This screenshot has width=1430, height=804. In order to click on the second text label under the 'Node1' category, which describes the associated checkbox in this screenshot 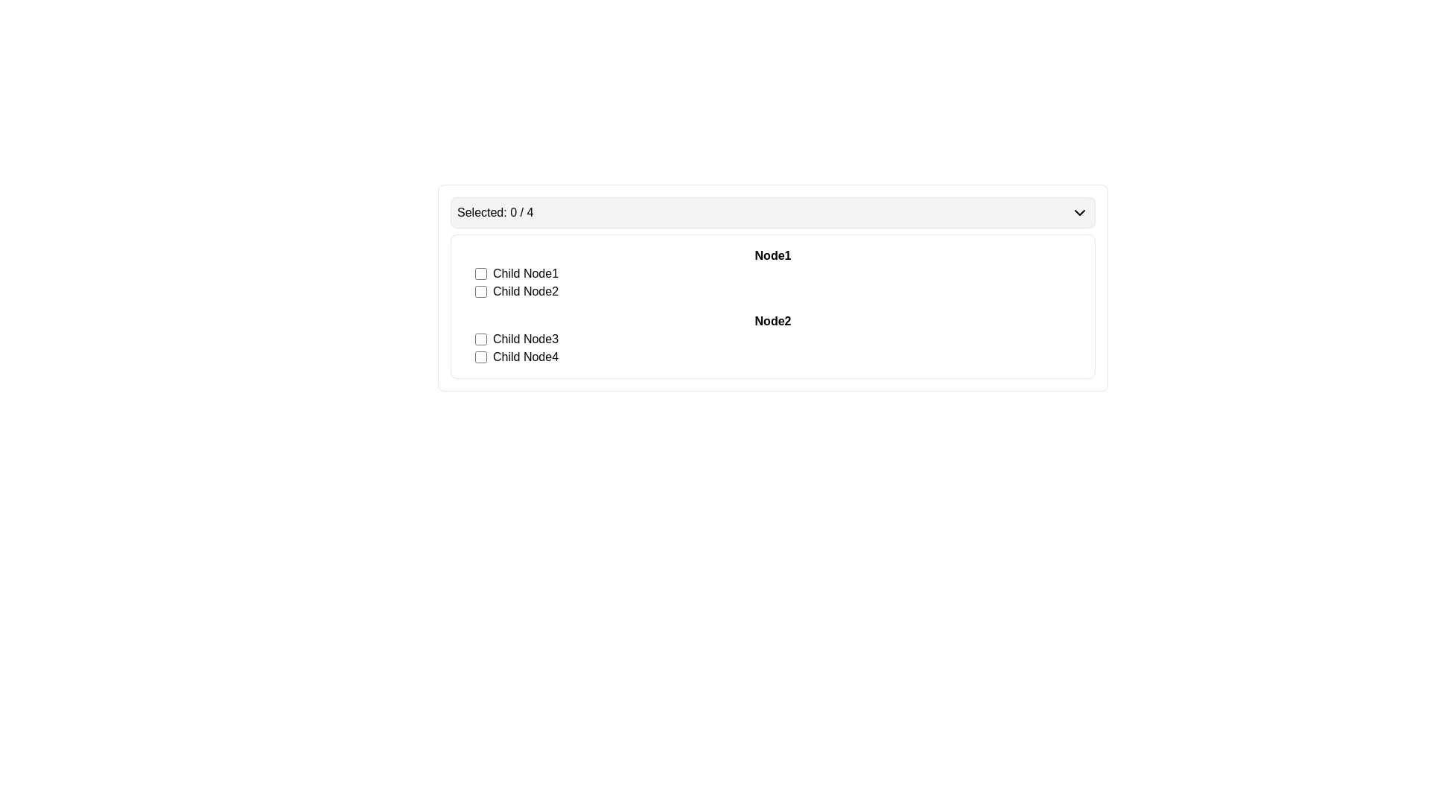, I will do `click(525, 292)`.